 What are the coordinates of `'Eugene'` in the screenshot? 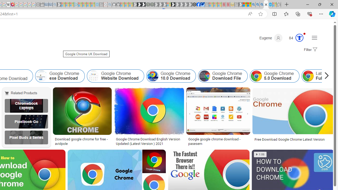 It's located at (271, 38).